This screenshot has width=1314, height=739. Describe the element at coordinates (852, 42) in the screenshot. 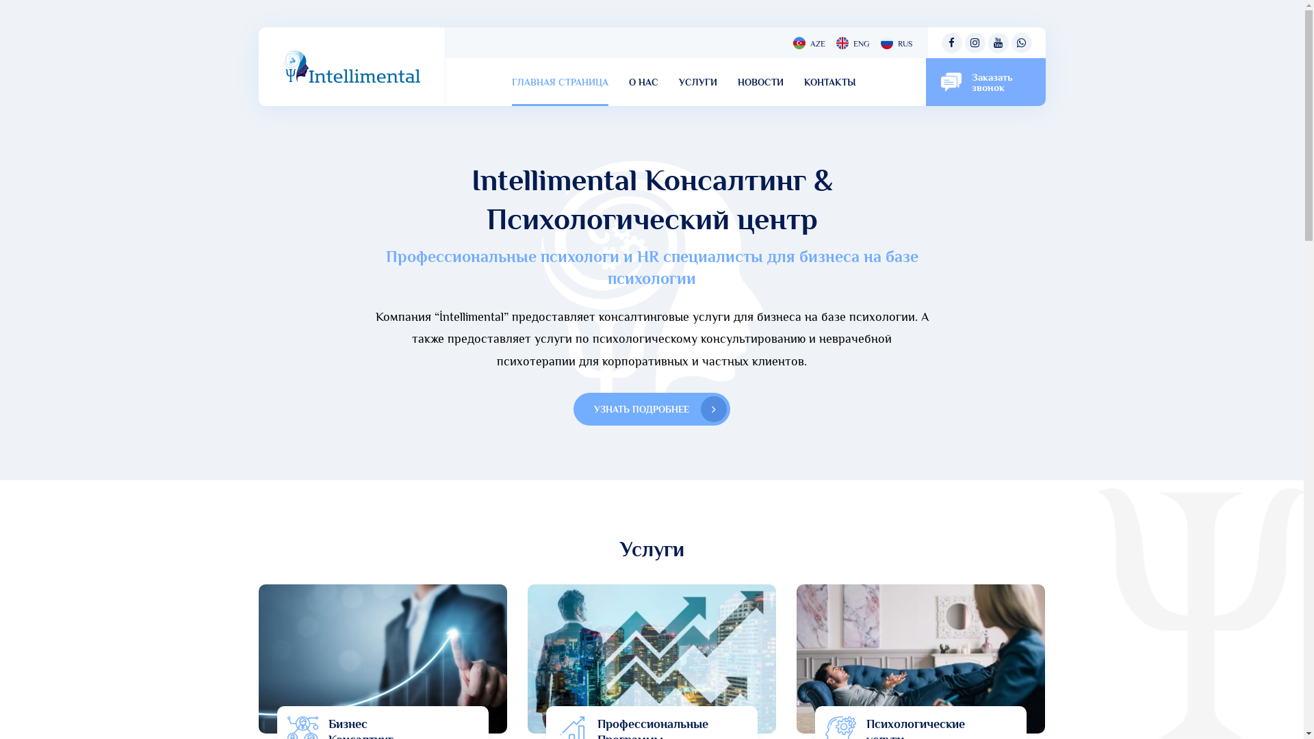

I see `'ENG'` at that location.